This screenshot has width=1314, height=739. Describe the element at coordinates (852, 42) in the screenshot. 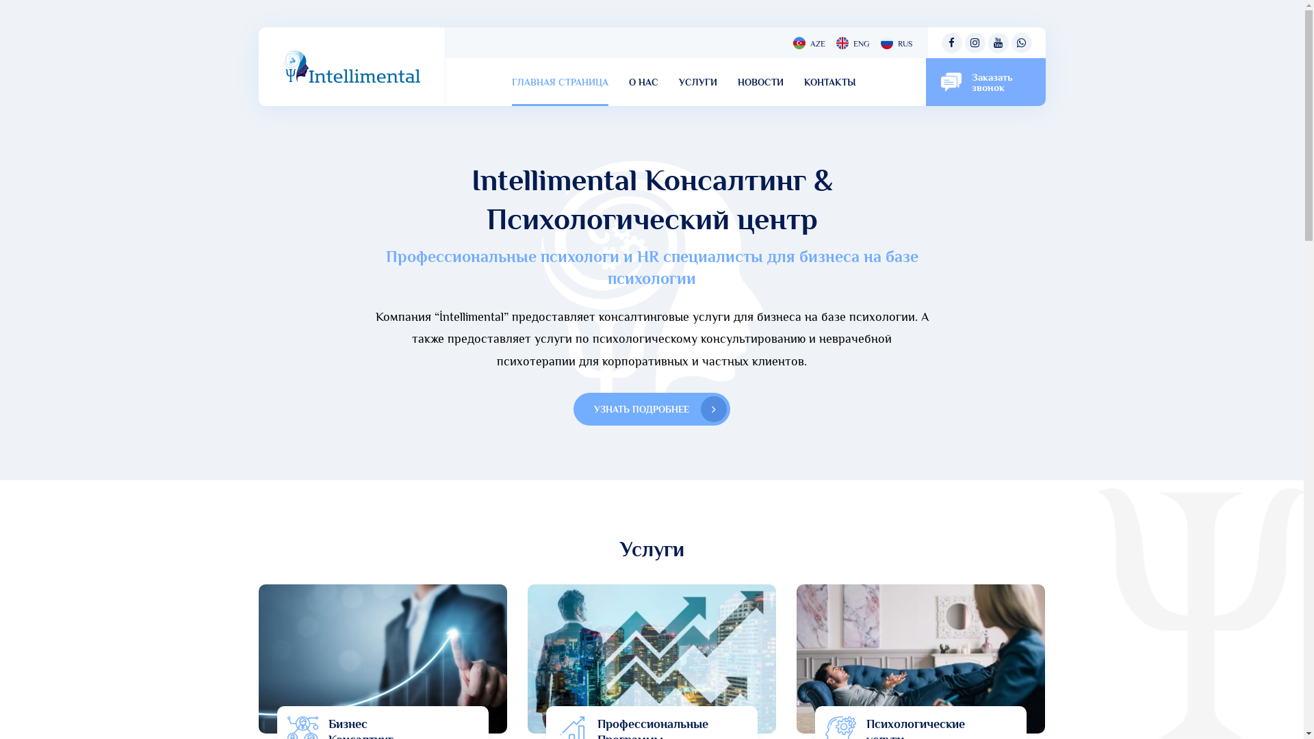

I see `'ENG'` at that location.